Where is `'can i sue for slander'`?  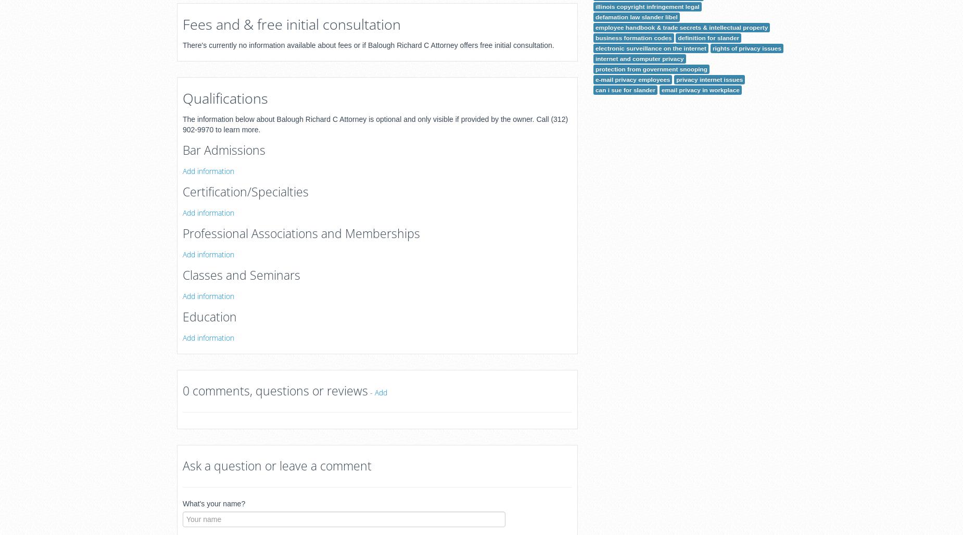 'can i sue for slander' is located at coordinates (625, 90).